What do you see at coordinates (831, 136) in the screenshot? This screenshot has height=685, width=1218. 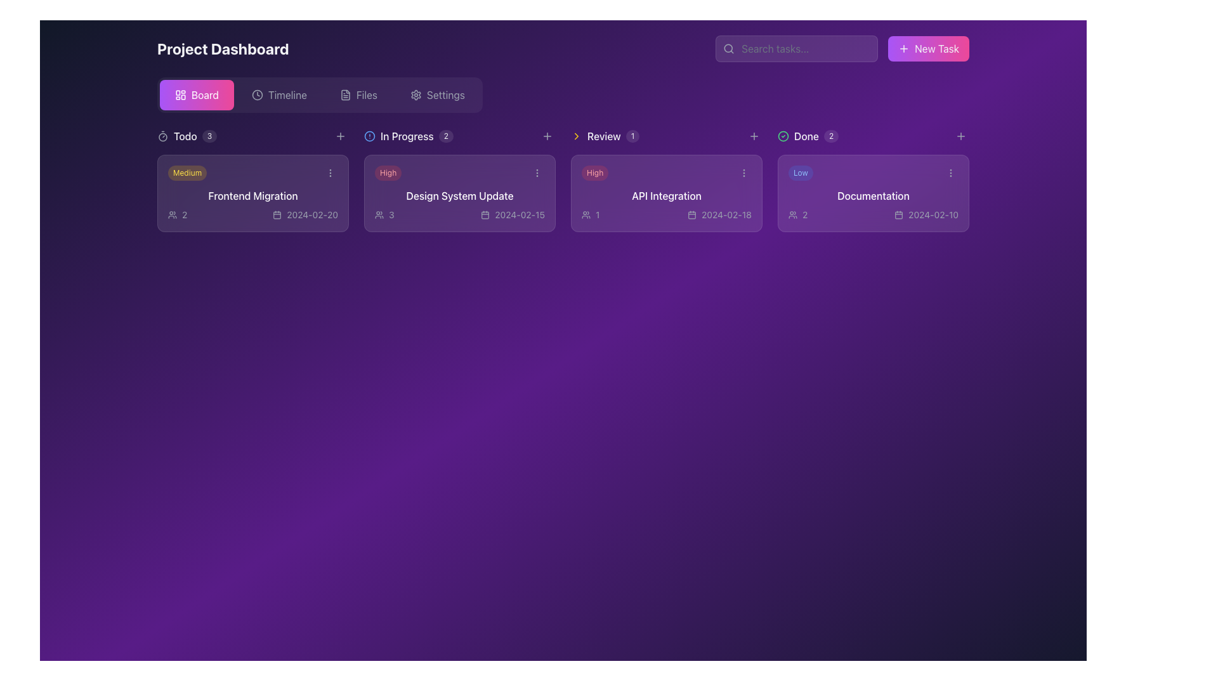 I see `the small circular badge displaying the number '2', which is positioned to the right of the word 'Done' in the dashboard's top navigation bar` at bounding box center [831, 136].